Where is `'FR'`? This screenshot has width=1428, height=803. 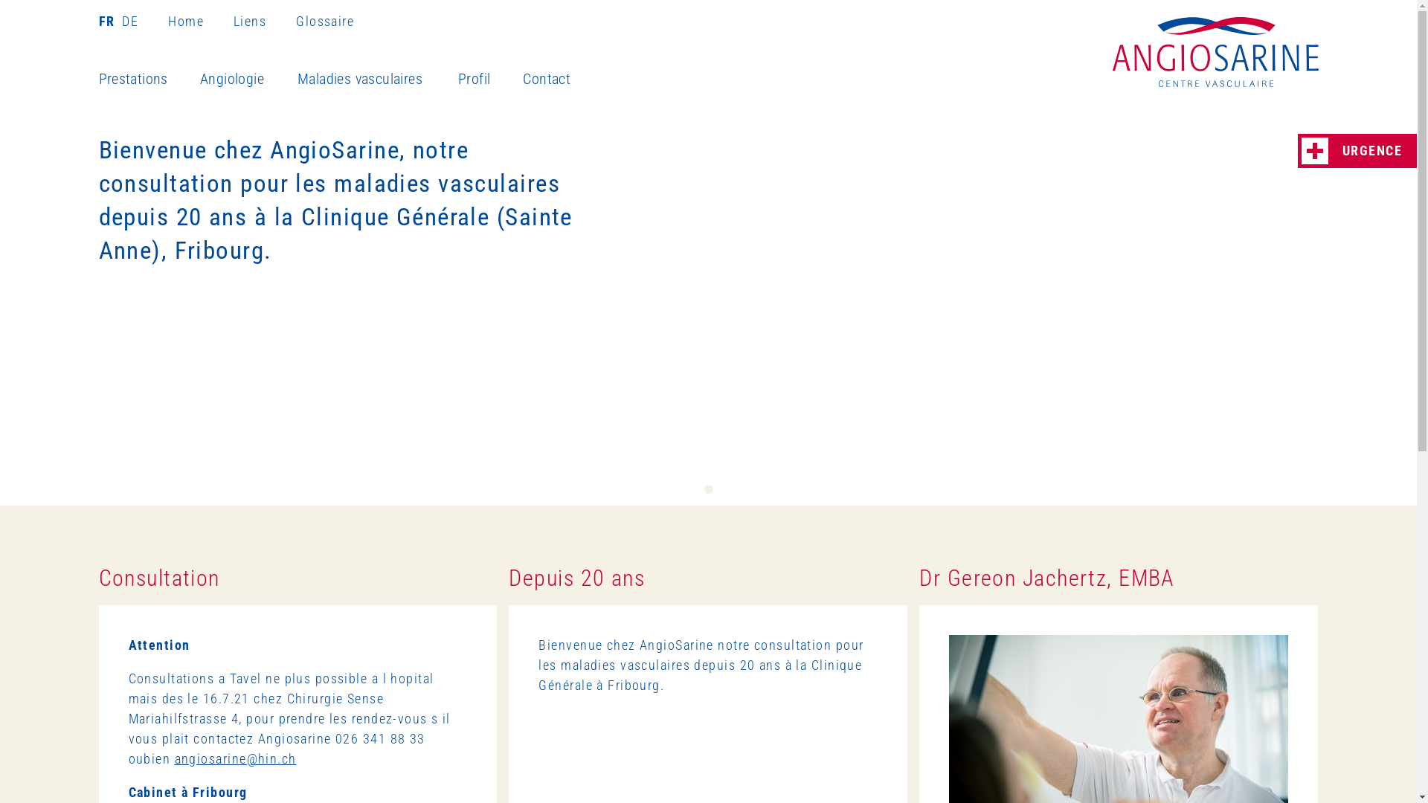
'FR' is located at coordinates (107, 21).